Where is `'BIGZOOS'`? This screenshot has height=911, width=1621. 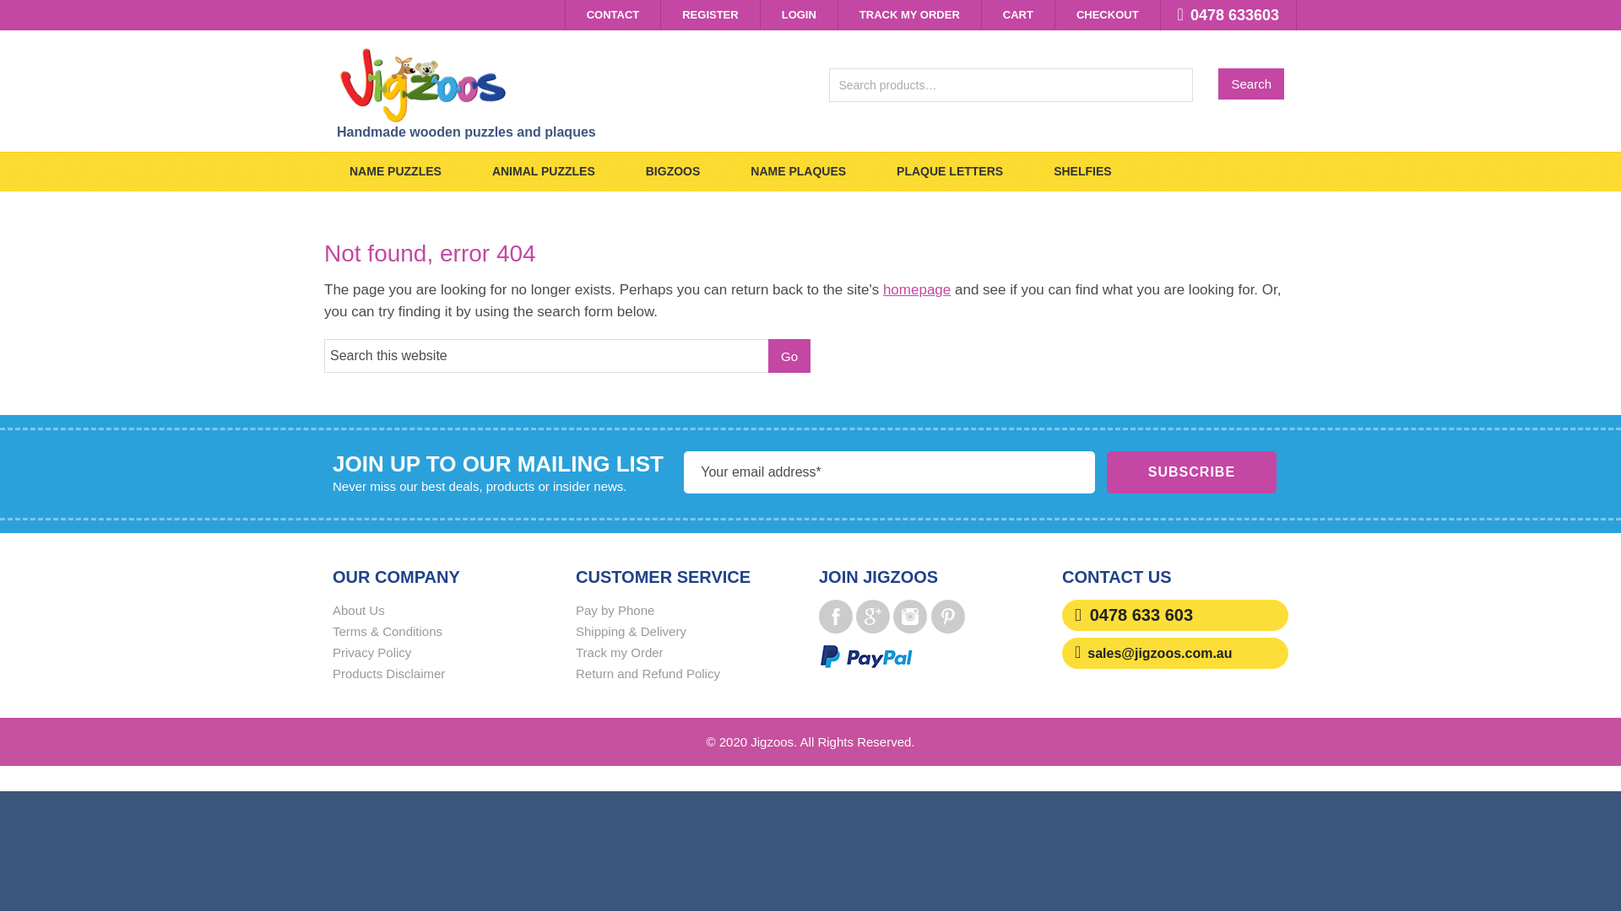
'BIGZOOS' is located at coordinates (619, 171).